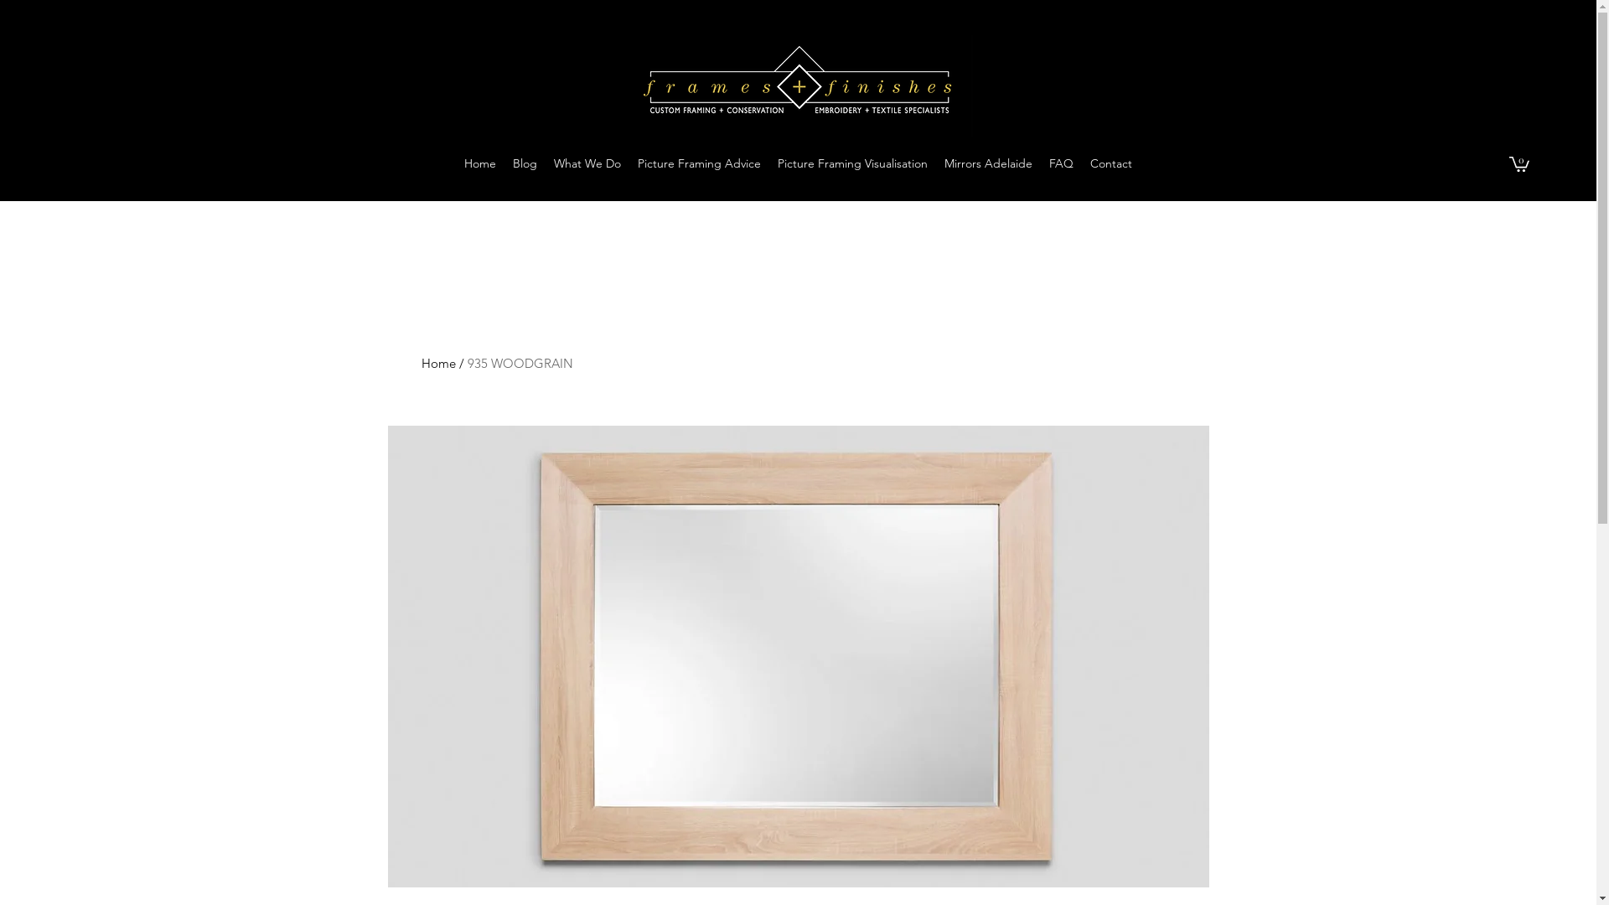 This screenshot has height=905, width=1609. What do you see at coordinates (503, 163) in the screenshot?
I see `'Blog'` at bounding box center [503, 163].